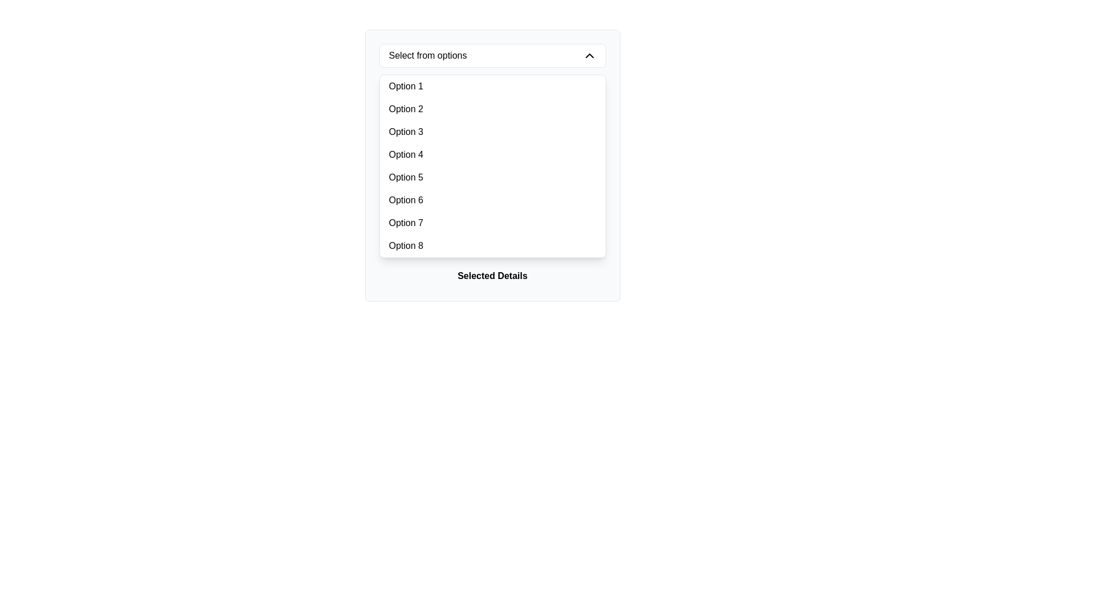 The image size is (1094, 615). I want to click on the third option in the dropdown menu, so click(492, 131).